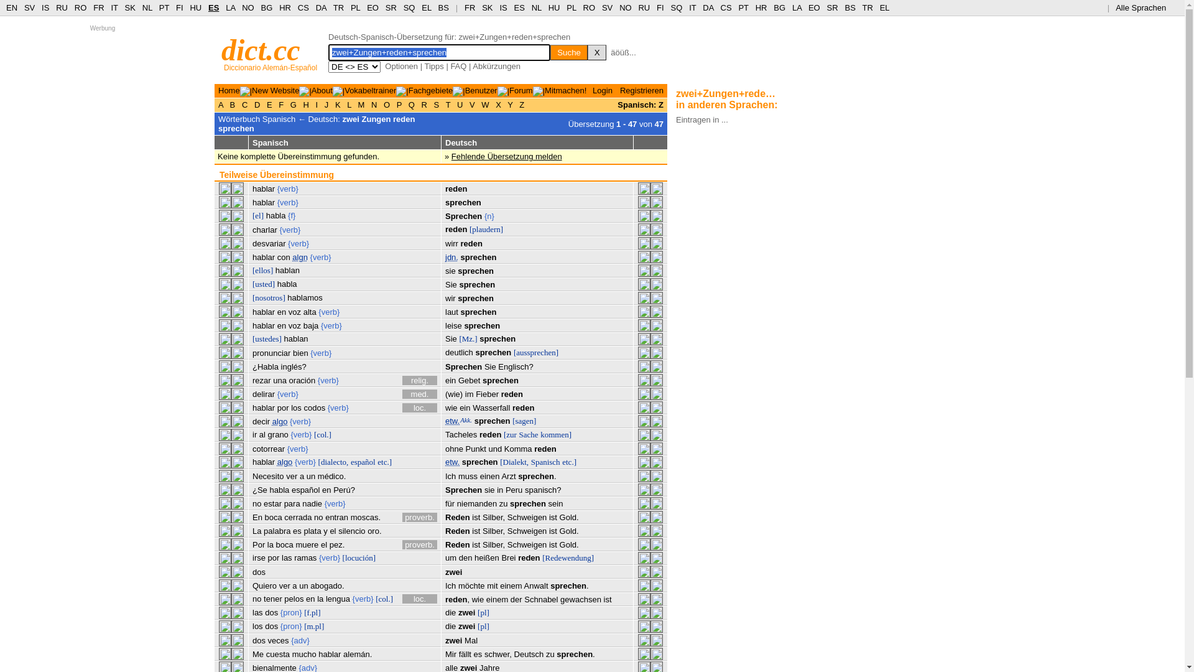  What do you see at coordinates (273, 517) in the screenshot?
I see `'boca'` at bounding box center [273, 517].